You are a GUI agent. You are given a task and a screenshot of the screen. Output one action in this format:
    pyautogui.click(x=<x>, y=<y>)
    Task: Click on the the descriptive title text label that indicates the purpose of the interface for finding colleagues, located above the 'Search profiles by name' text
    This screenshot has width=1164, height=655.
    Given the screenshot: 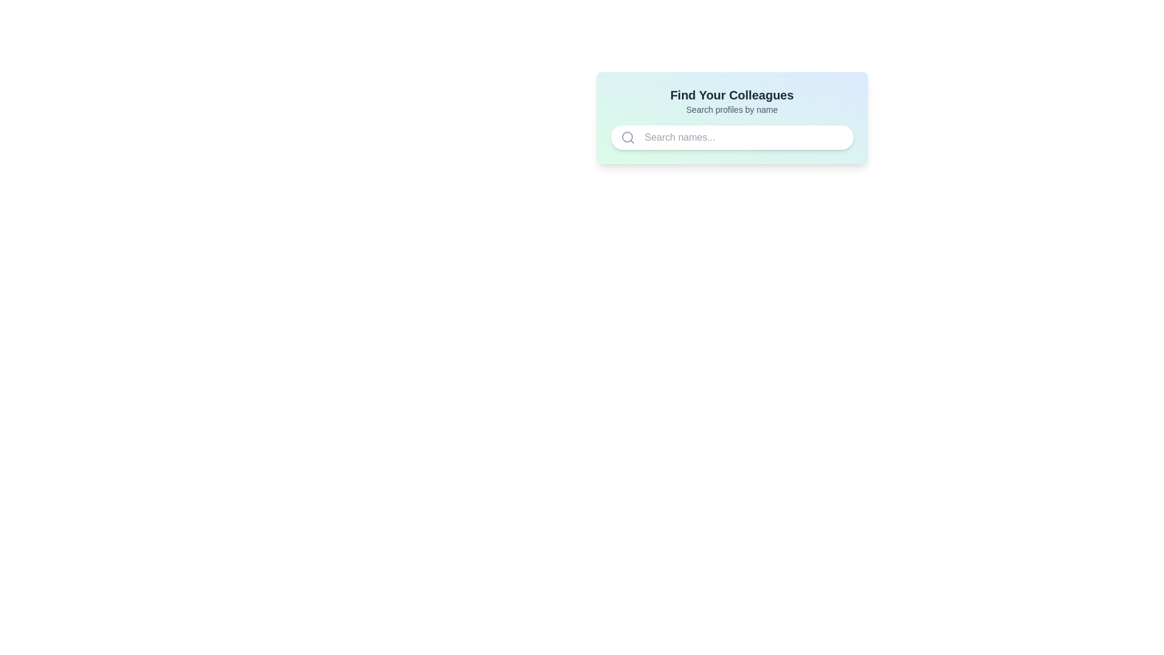 What is the action you would take?
    pyautogui.click(x=731, y=95)
    